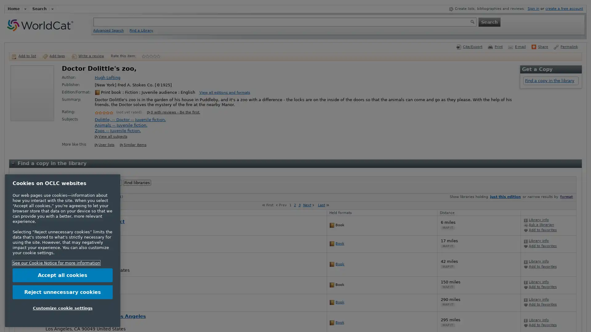 Image resolution: width=591 pixels, height=332 pixels. Describe the element at coordinates (62, 275) in the screenshot. I see `Accept all cookies` at that location.